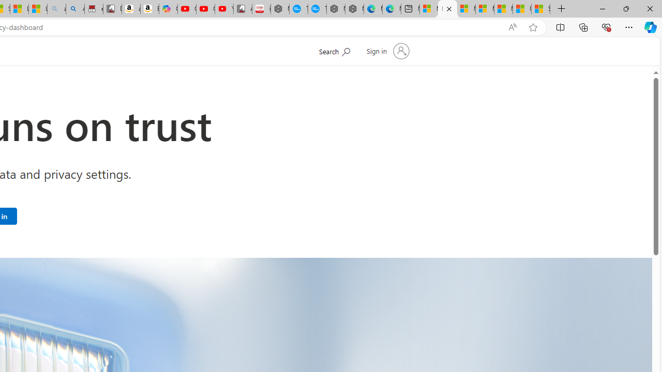 The image size is (662, 372). What do you see at coordinates (223, 9) in the screenshot?
I see `'YouTube Kids - An App Created for Kids to Explore Content'` at bounding box center [223, 9].